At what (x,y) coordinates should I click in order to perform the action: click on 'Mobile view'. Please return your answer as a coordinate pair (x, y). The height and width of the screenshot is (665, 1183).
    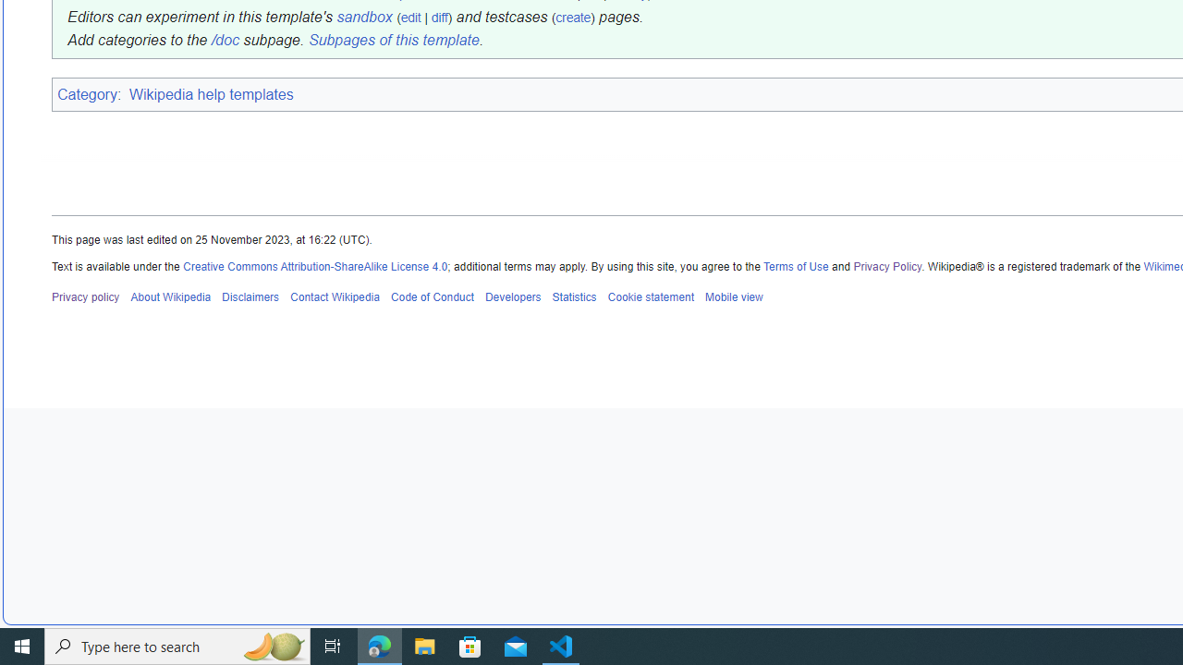
    Looking at the image, I should click on (732, 296).